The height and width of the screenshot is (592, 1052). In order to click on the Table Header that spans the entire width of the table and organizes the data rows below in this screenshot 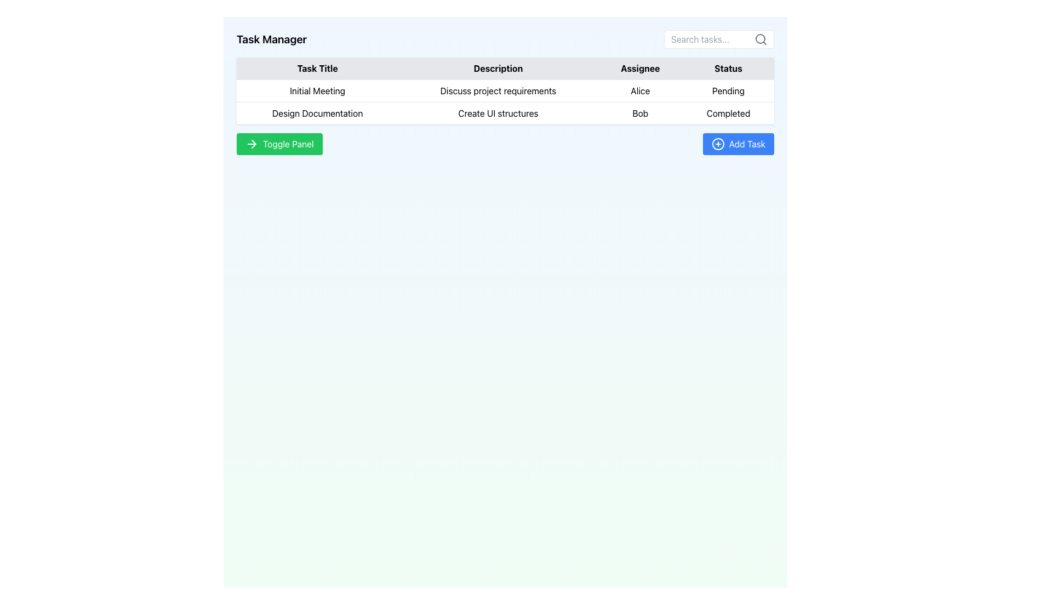, I will do `click(505, 69)`.